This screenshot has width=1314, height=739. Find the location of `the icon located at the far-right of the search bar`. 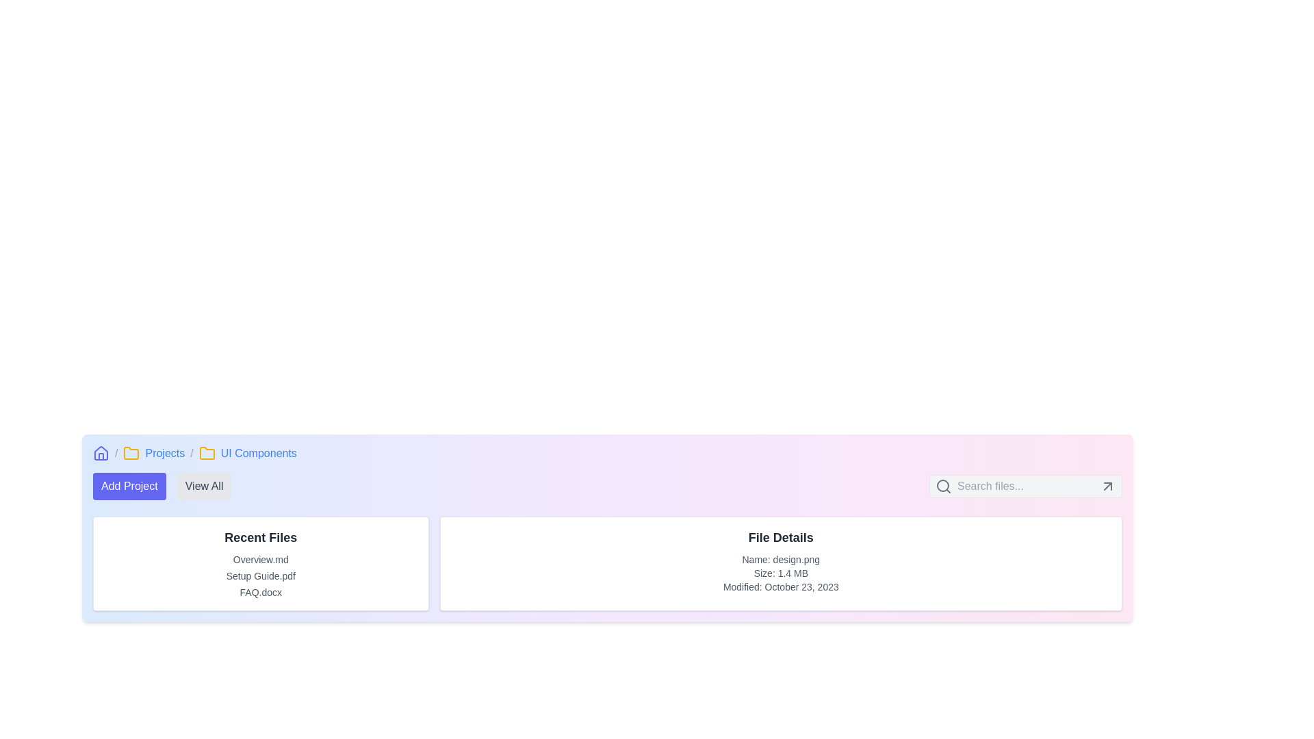

the icon located at the far-right of the search bar is located at coordinates (1107, 485).